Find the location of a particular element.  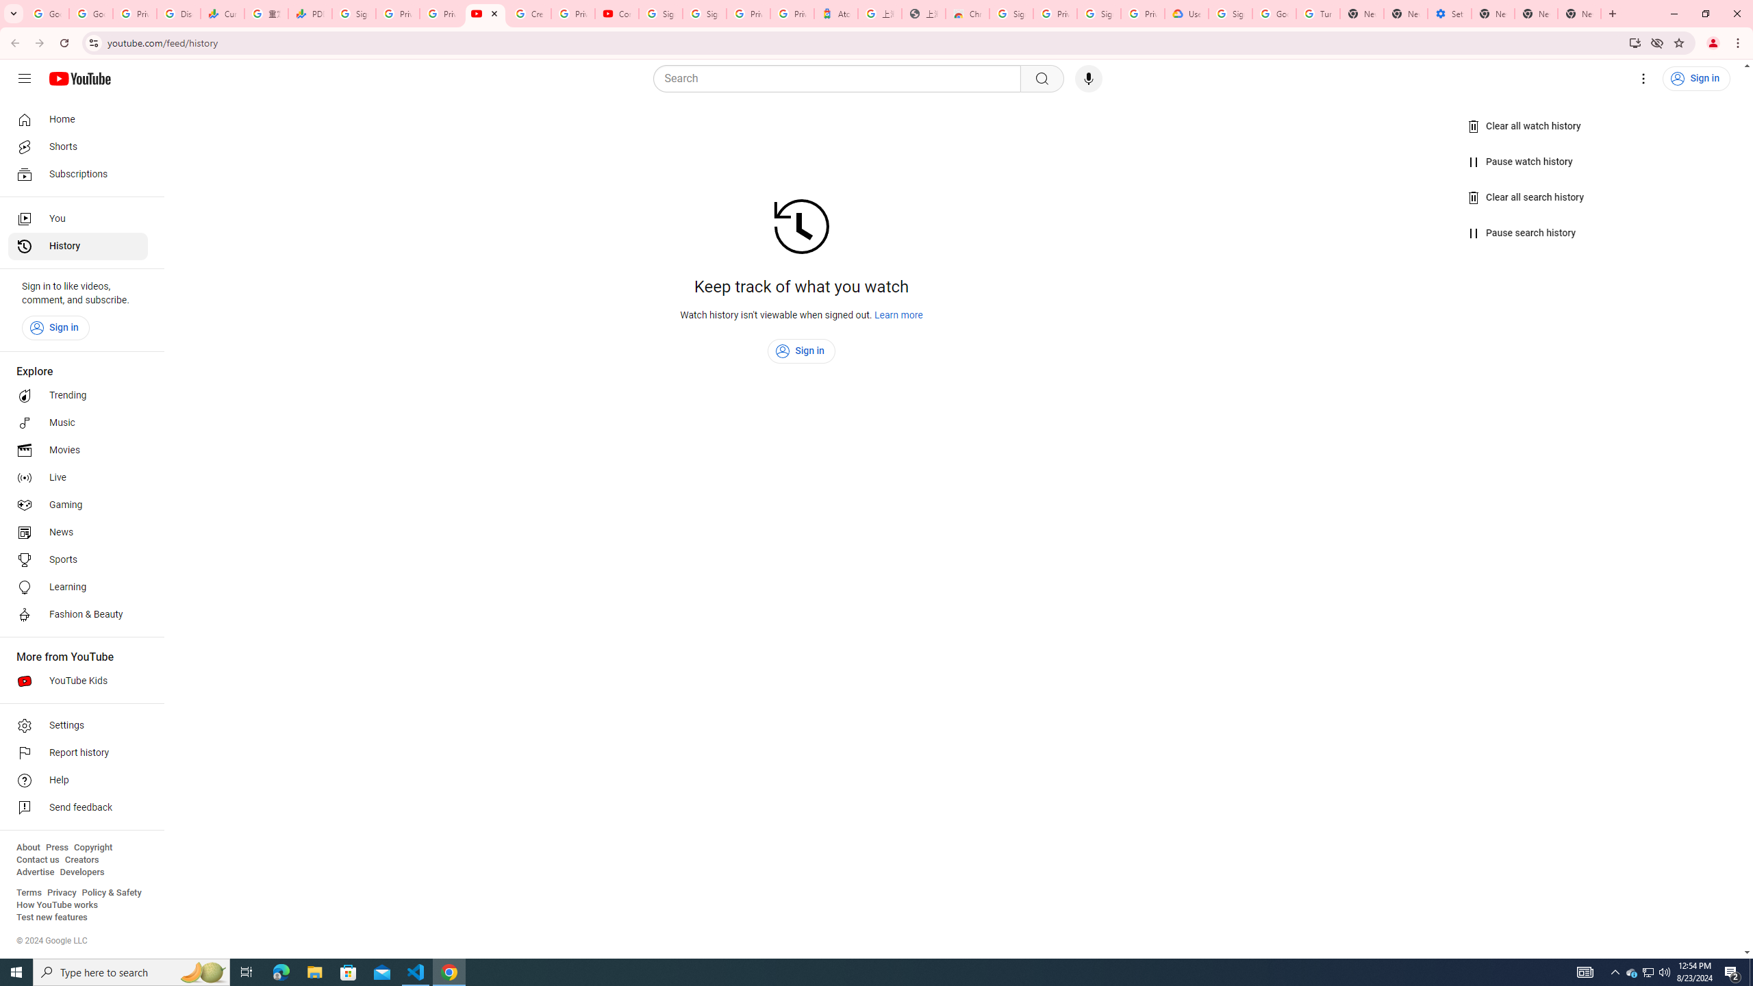

'Sign in - Google Accounts' is located at coordinates (661, 13).